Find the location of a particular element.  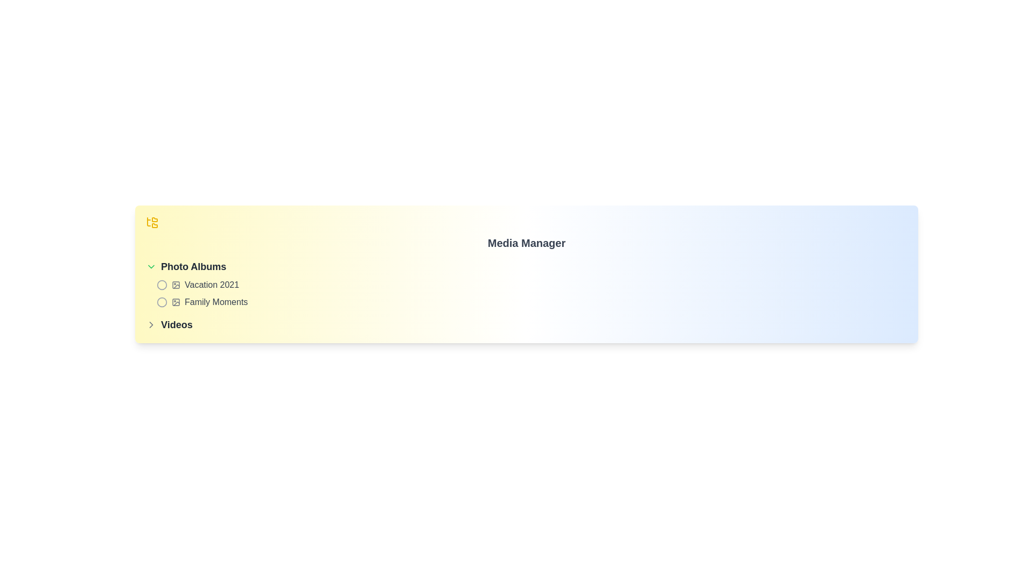

the right-facing chevron icon, which is located immediately to the left of the 'Videos' text label is located at coordinates (151, 324).